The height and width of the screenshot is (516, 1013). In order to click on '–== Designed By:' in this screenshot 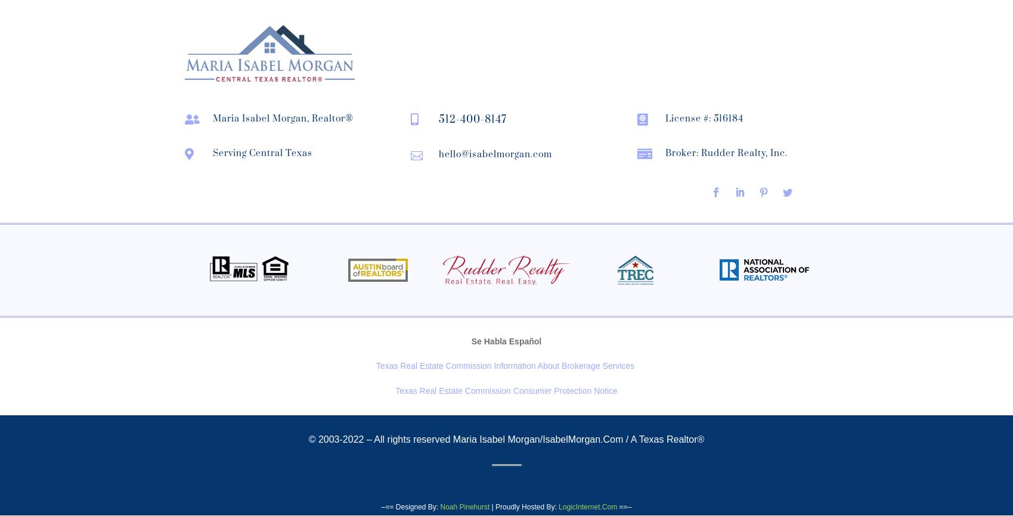, I will do `click(410, 505)`.